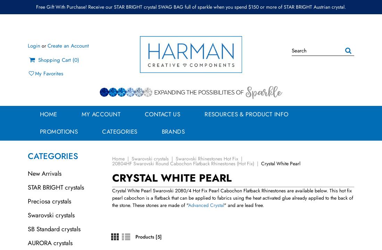 This screenshot has width=382, height=250. Describe the element at coordinates (173, 132) in the screenshot. I see `'Brands'` at that location.